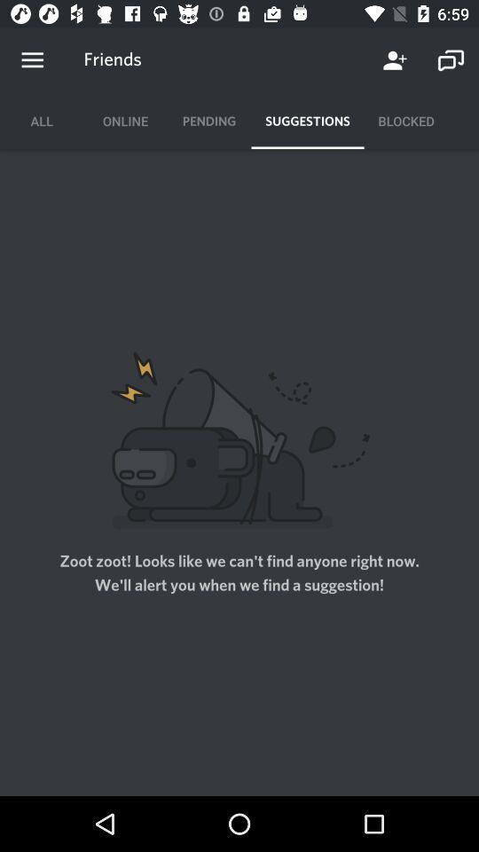 This screenshot has width=479, height=852. What do you see at coordinates (395, 60) in the screenshot?
I see `the item next to the friends item` at bounding box center [395, 60].